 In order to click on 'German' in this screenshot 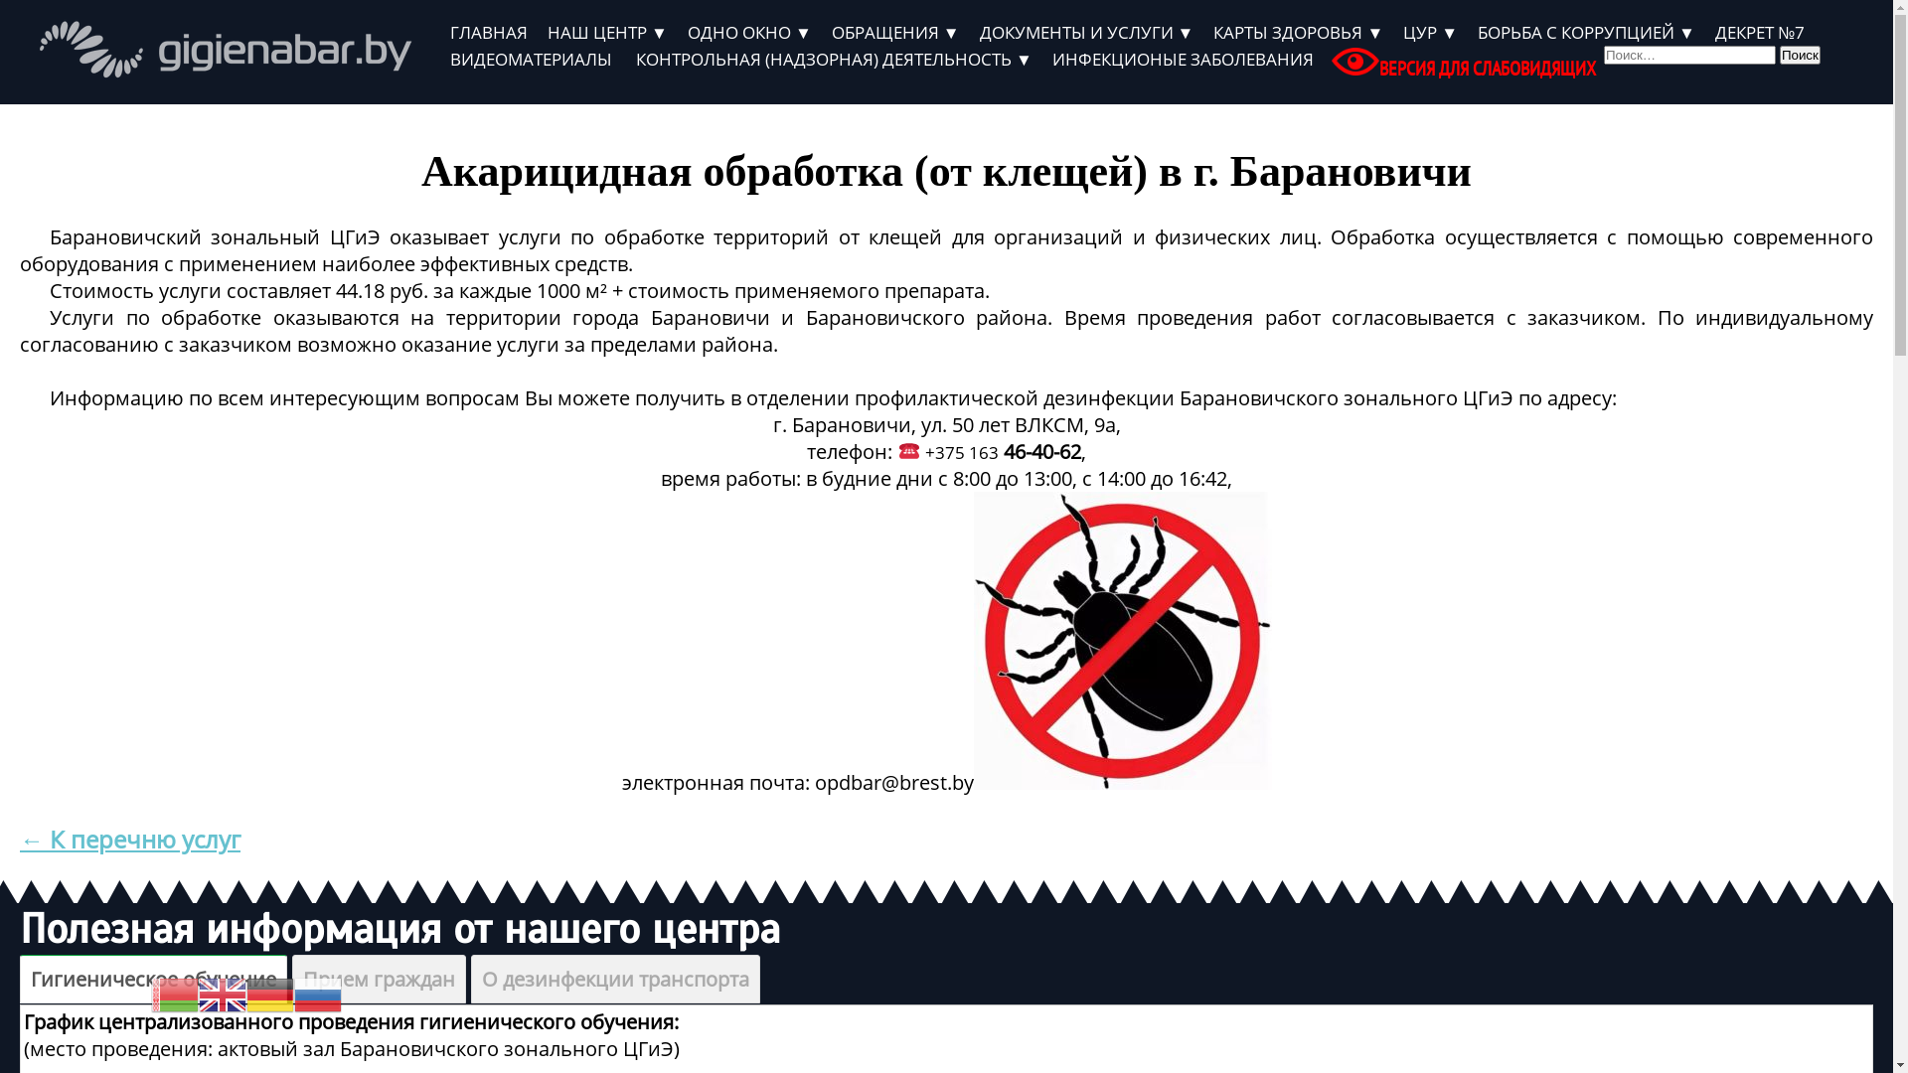, I will do `click(245, 994)`.